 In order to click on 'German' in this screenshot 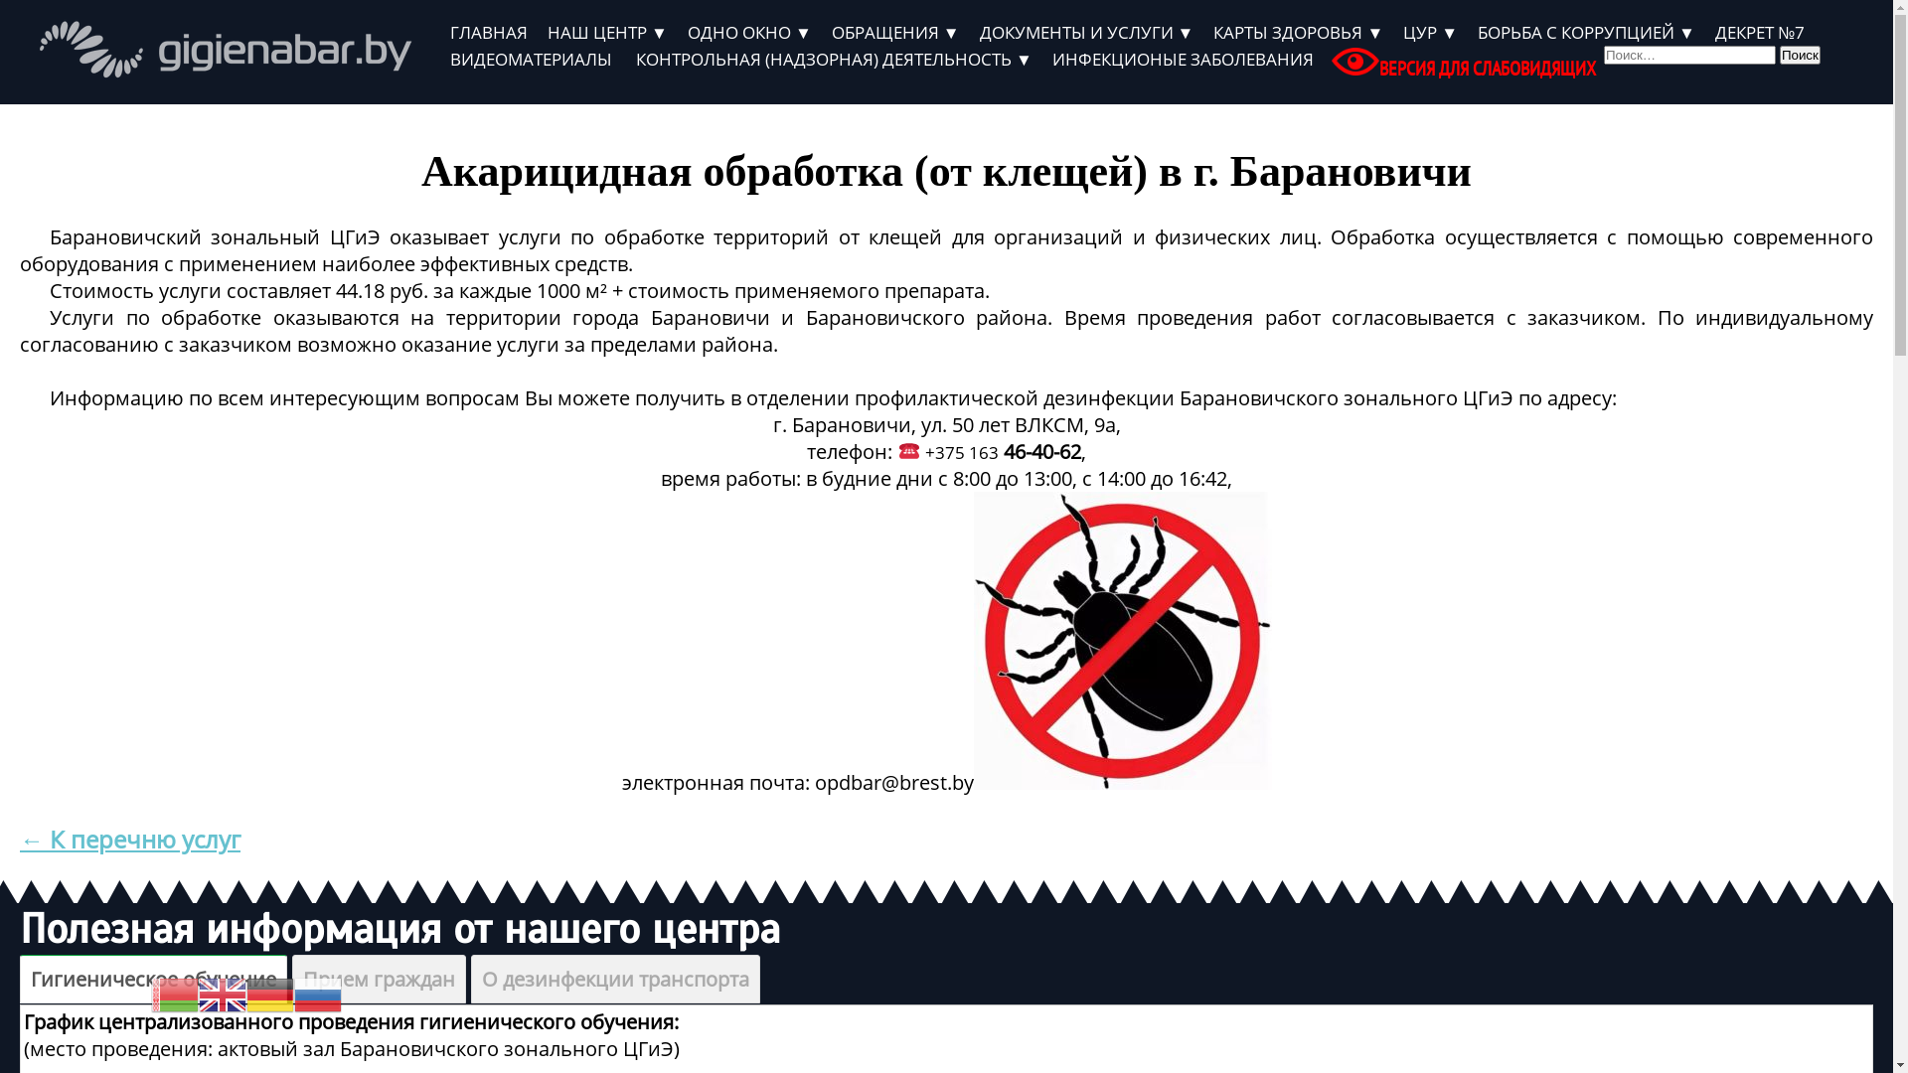, I will do `click(245, 994)`.